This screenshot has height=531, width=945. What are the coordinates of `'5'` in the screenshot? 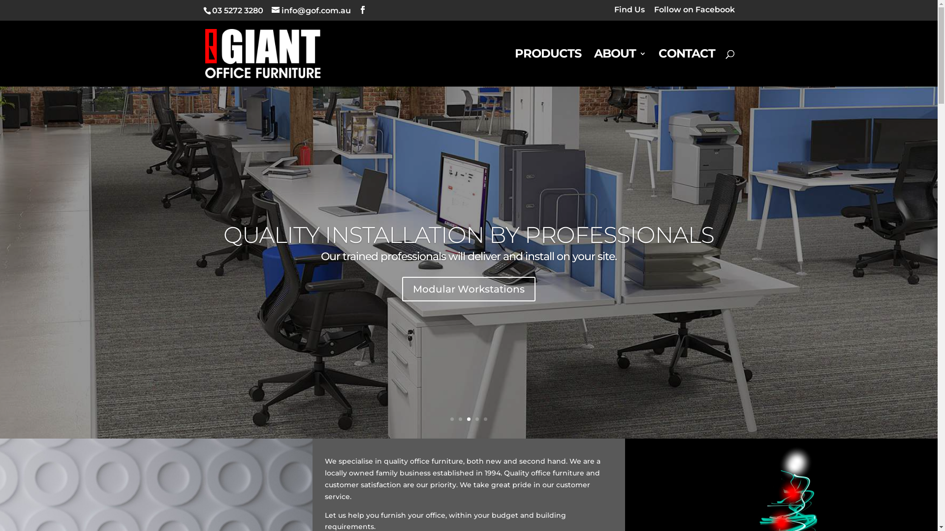 It's located at (485, 419).